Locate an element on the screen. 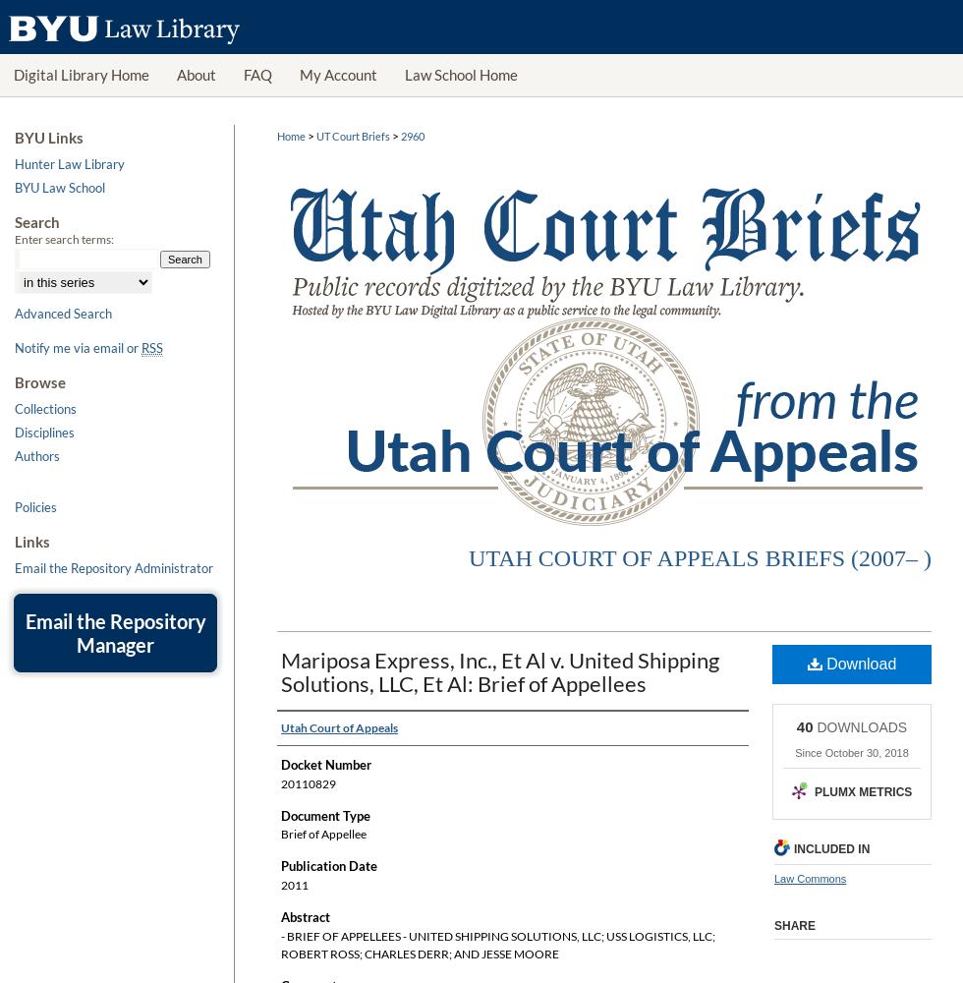 Image resolution: width=963 pixels, height=983 pixels. 'Links' is located at coordinates (32, 541).